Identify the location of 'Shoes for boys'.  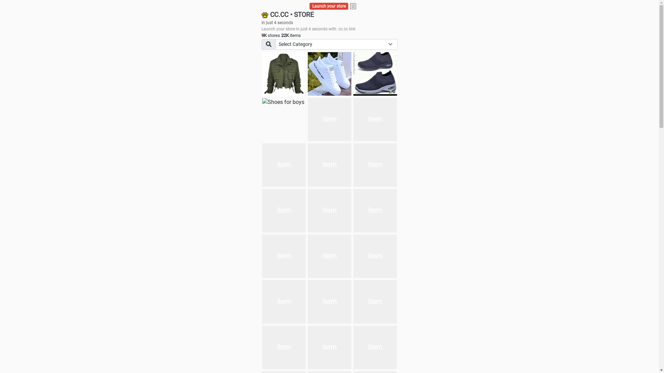
(283, 102).